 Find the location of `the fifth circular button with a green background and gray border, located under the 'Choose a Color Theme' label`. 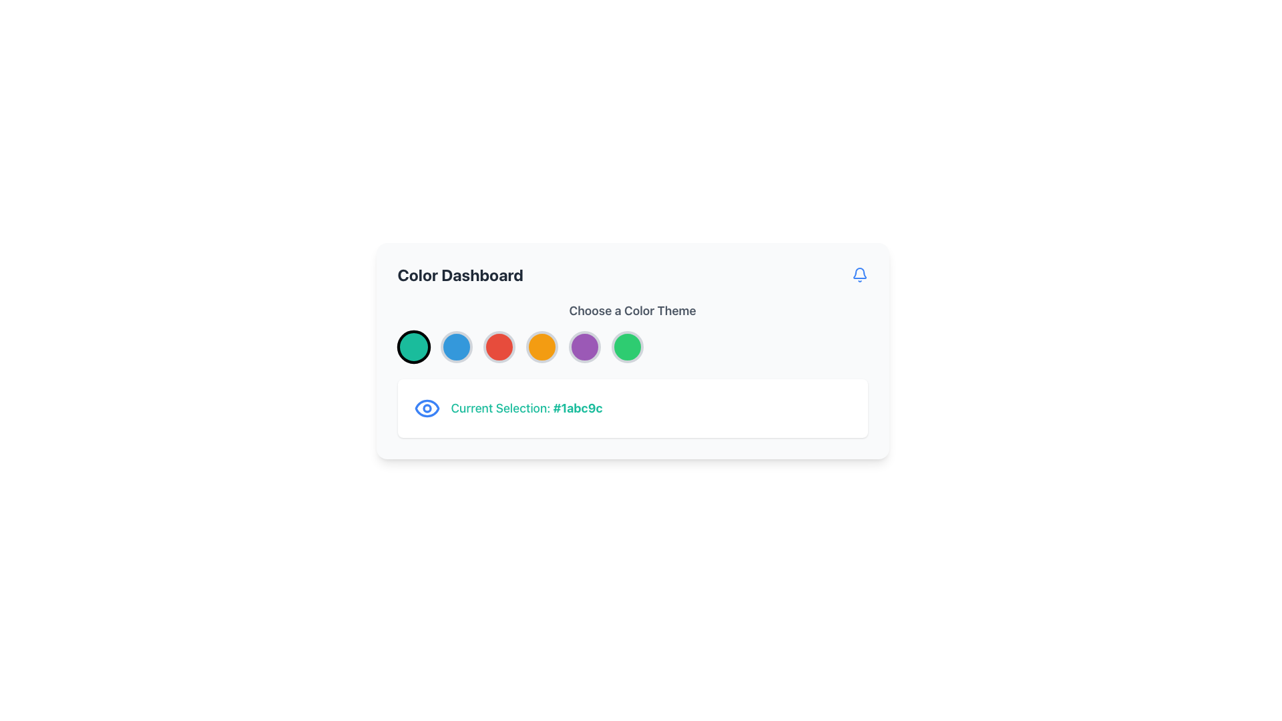

the fifth circular button with a green background and gray border, located under the 'Choose a Color Theme' label is located at coordinates (632, 350).